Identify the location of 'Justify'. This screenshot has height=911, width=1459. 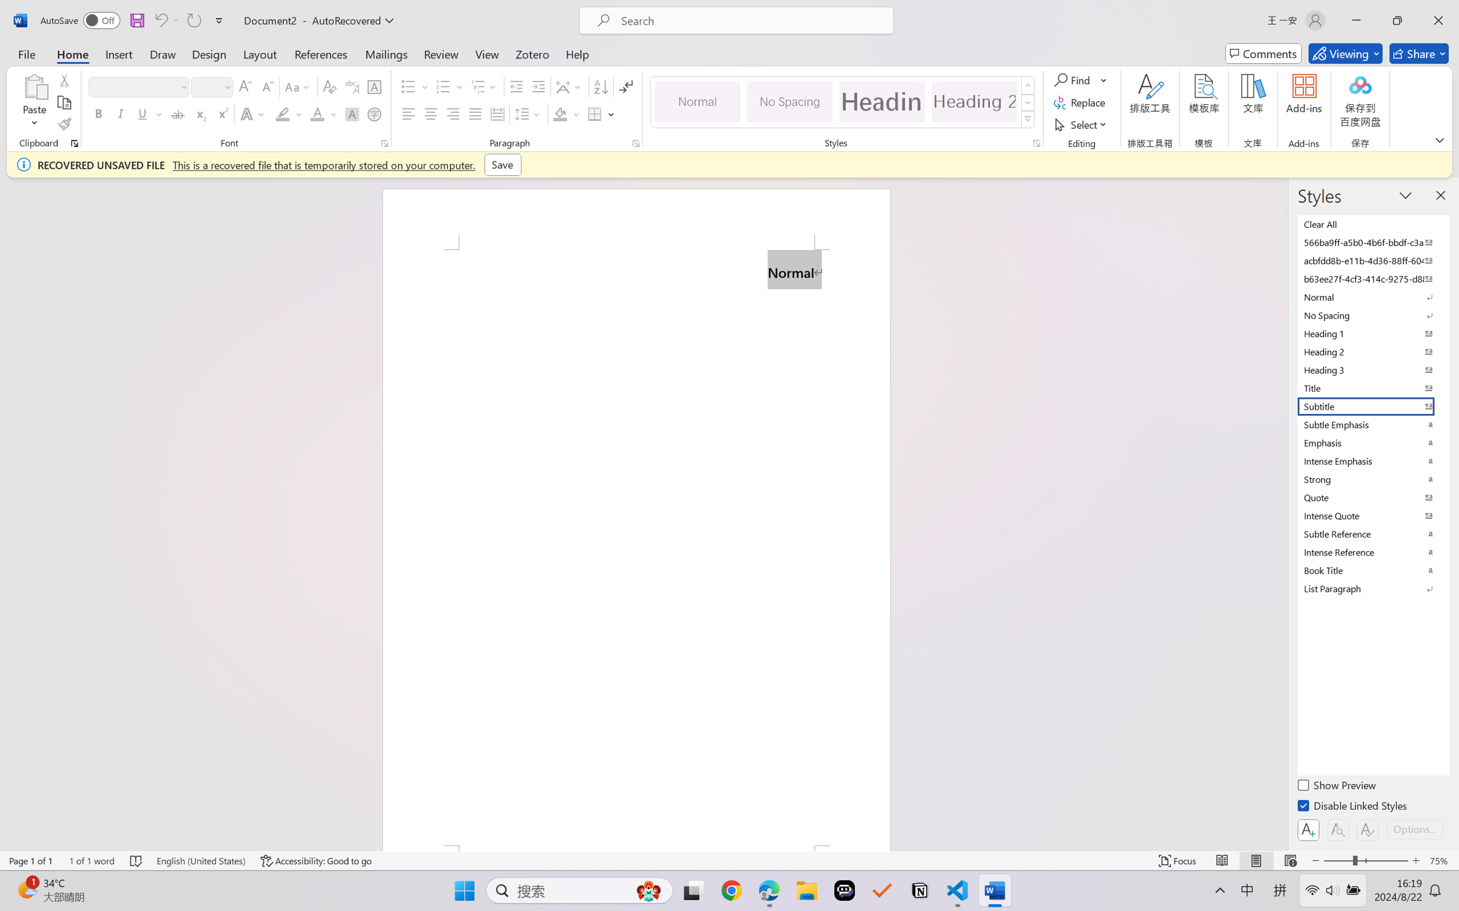
(474, 113).